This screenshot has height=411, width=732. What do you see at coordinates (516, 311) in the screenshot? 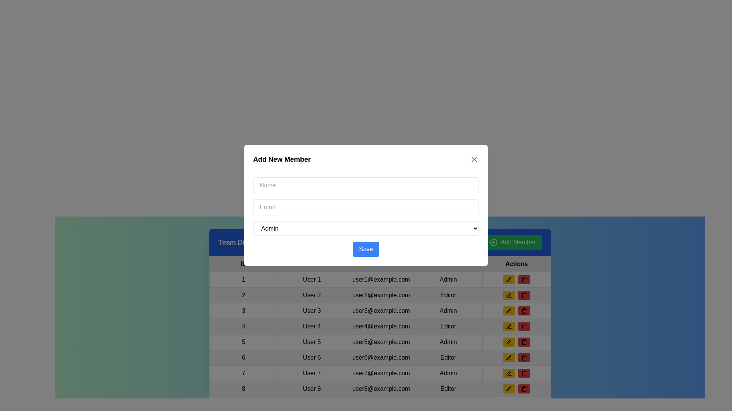
I see `the red rectangle Action button located in the 'Actions' column of the table for 'User 3' to initiate the delete action` at bounding box center [516, 311].